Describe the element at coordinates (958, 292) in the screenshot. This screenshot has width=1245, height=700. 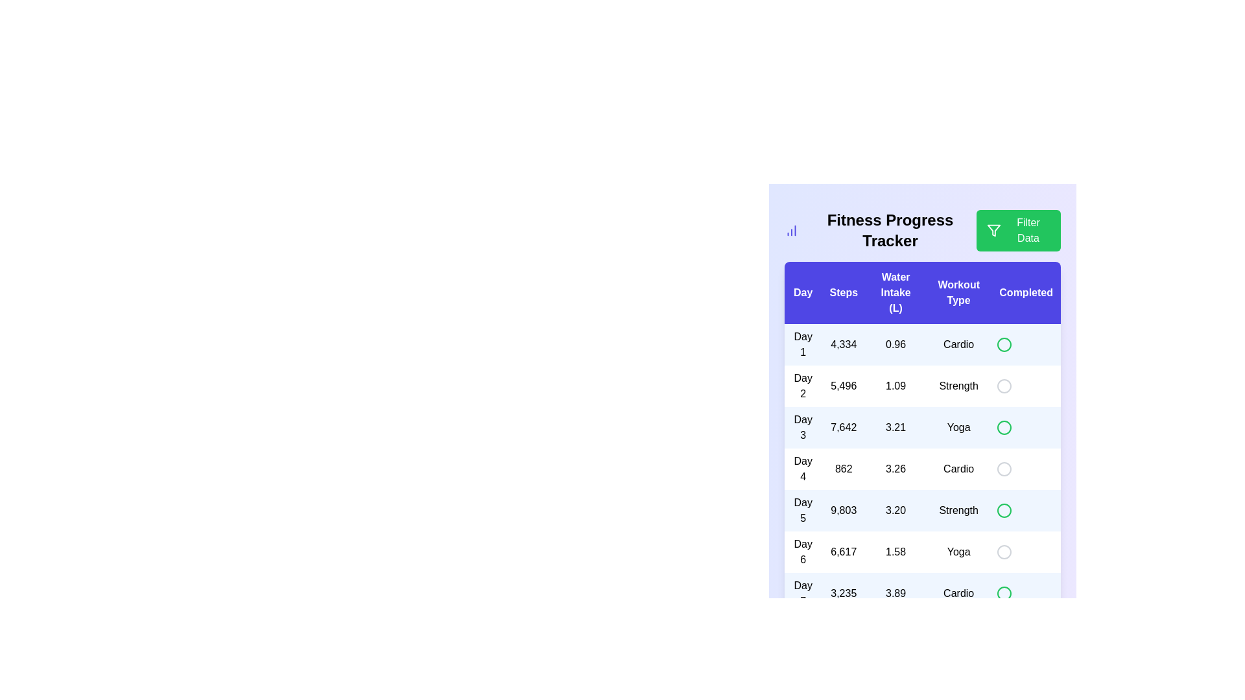
I see `the header of the column 'Workout Type' to sort the table by that column` at that location.